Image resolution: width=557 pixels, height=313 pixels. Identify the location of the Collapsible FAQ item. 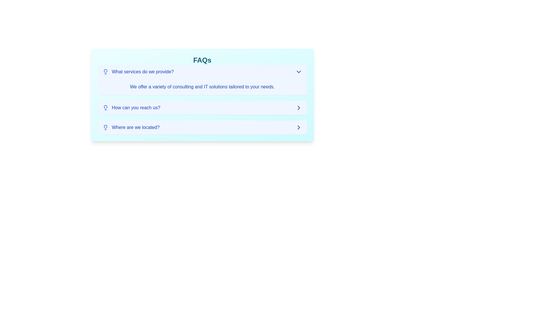
(202, 99).